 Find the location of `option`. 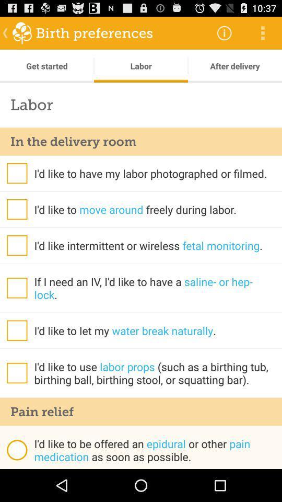

option is located at coordinates (16, 373).